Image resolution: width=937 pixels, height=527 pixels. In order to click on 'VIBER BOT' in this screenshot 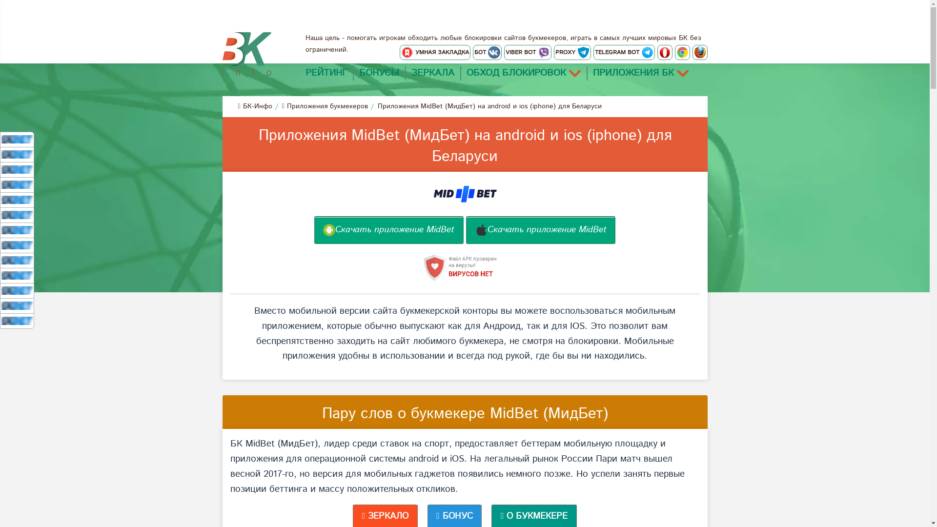, I will do `click(527, 52)`.